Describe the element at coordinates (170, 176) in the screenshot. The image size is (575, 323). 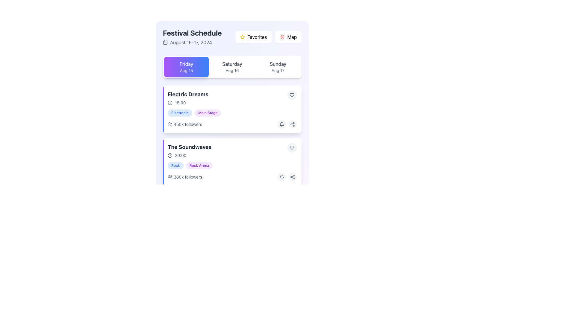
I see `the graphic icon depicting multiple user silhouettes, located before the text '380k followers' in the description section of 'The Soundwaves' event card` at that location.